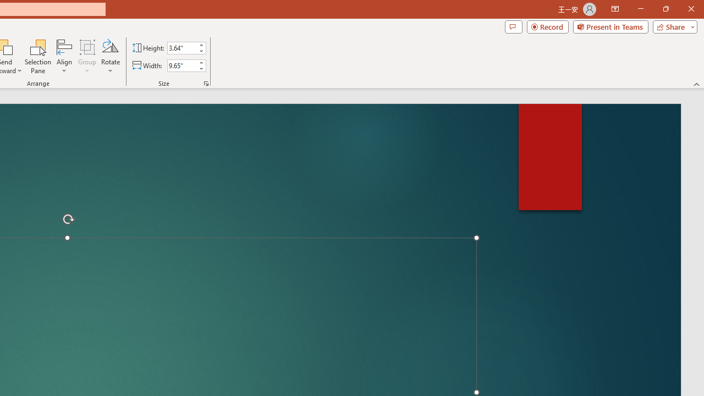 The width and height of the screenshot is (704, 396). I want to click on 'Record', so click(547, 26).